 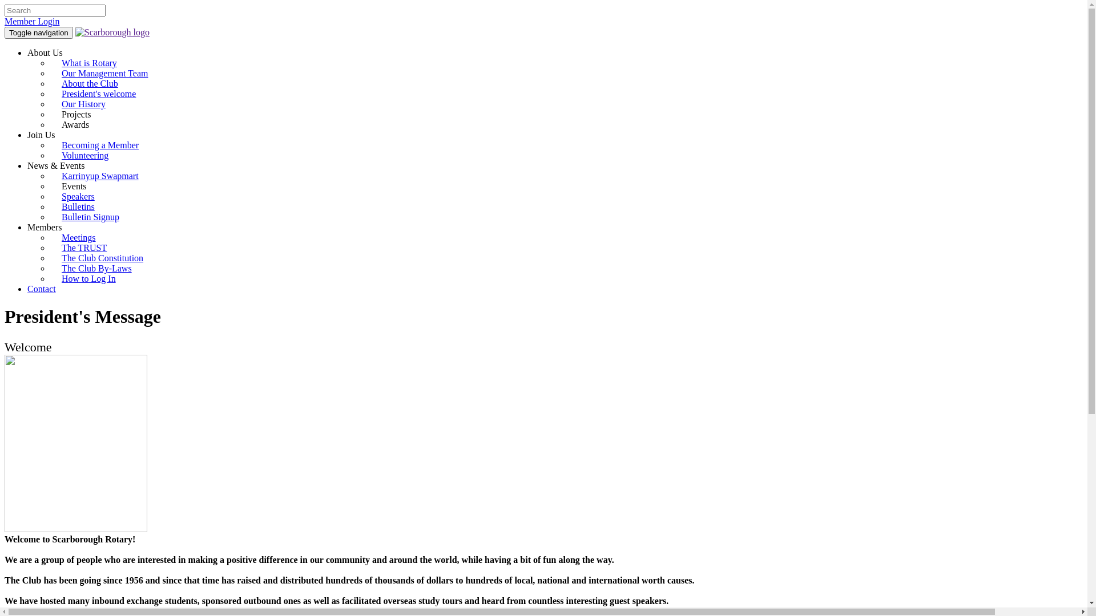 I want to click on 'Our Management Team', so click(x=104, y=73).